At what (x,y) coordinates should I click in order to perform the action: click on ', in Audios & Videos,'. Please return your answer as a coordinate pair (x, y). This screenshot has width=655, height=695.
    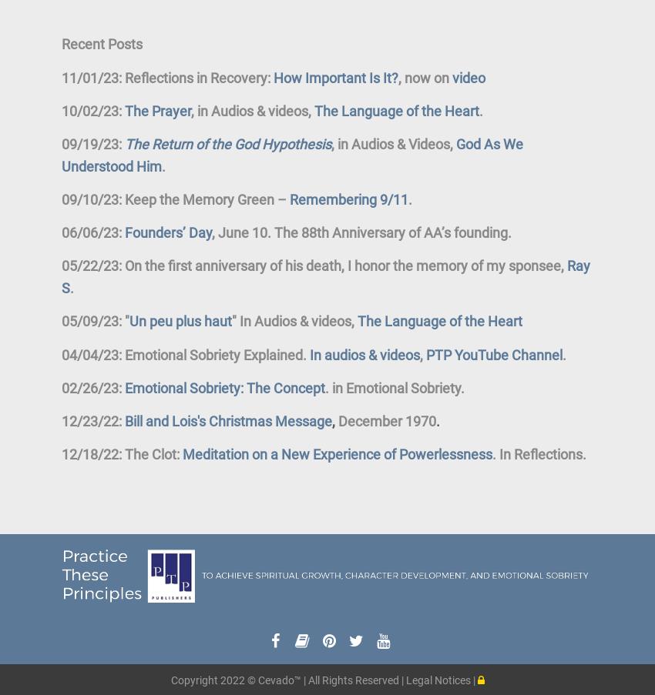
    Looking at the image, I should click on (393, 143).